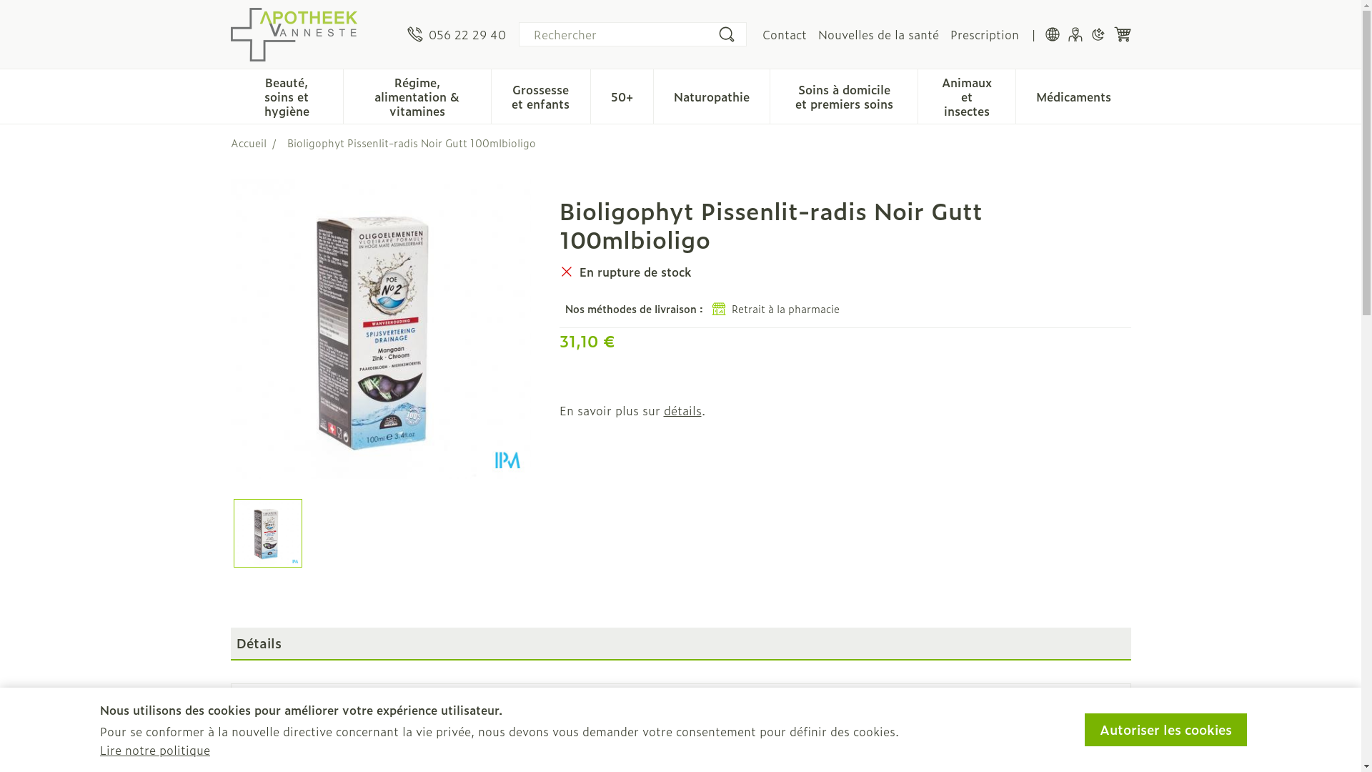 The image size is (1372, 772). What do you see at coordinates (1097, 33) in the screenshot?
I see `'Mode sombre'` at bounding box center [1097, 33].